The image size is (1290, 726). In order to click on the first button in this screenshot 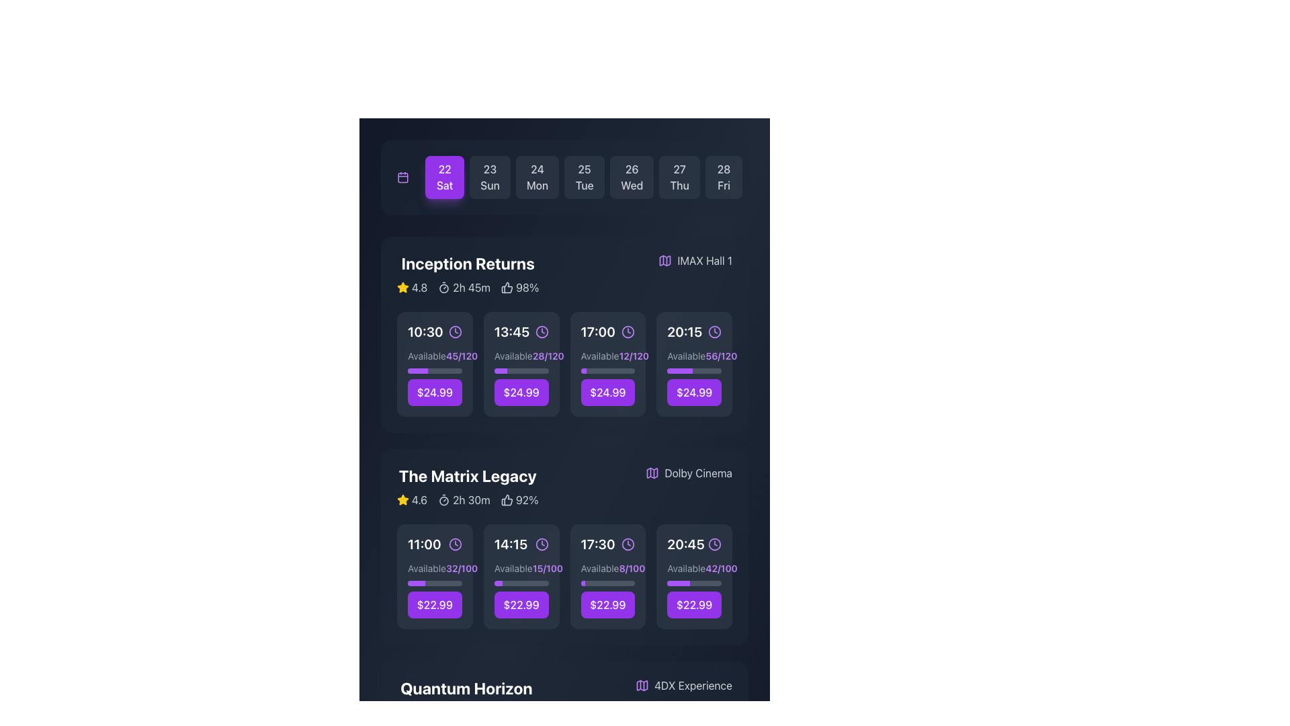, I will do `click(445, 176)`.